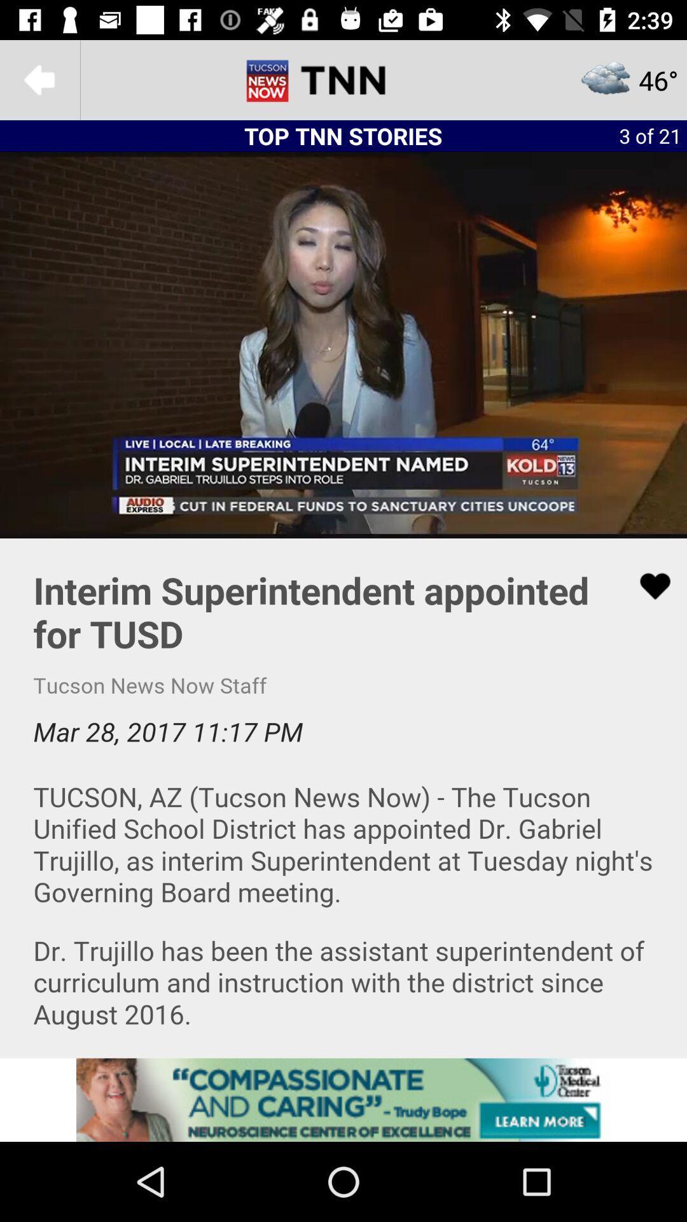  Describe the element at coordinates (343, 79) in the screenshot. I see `tnn home page` at that location.